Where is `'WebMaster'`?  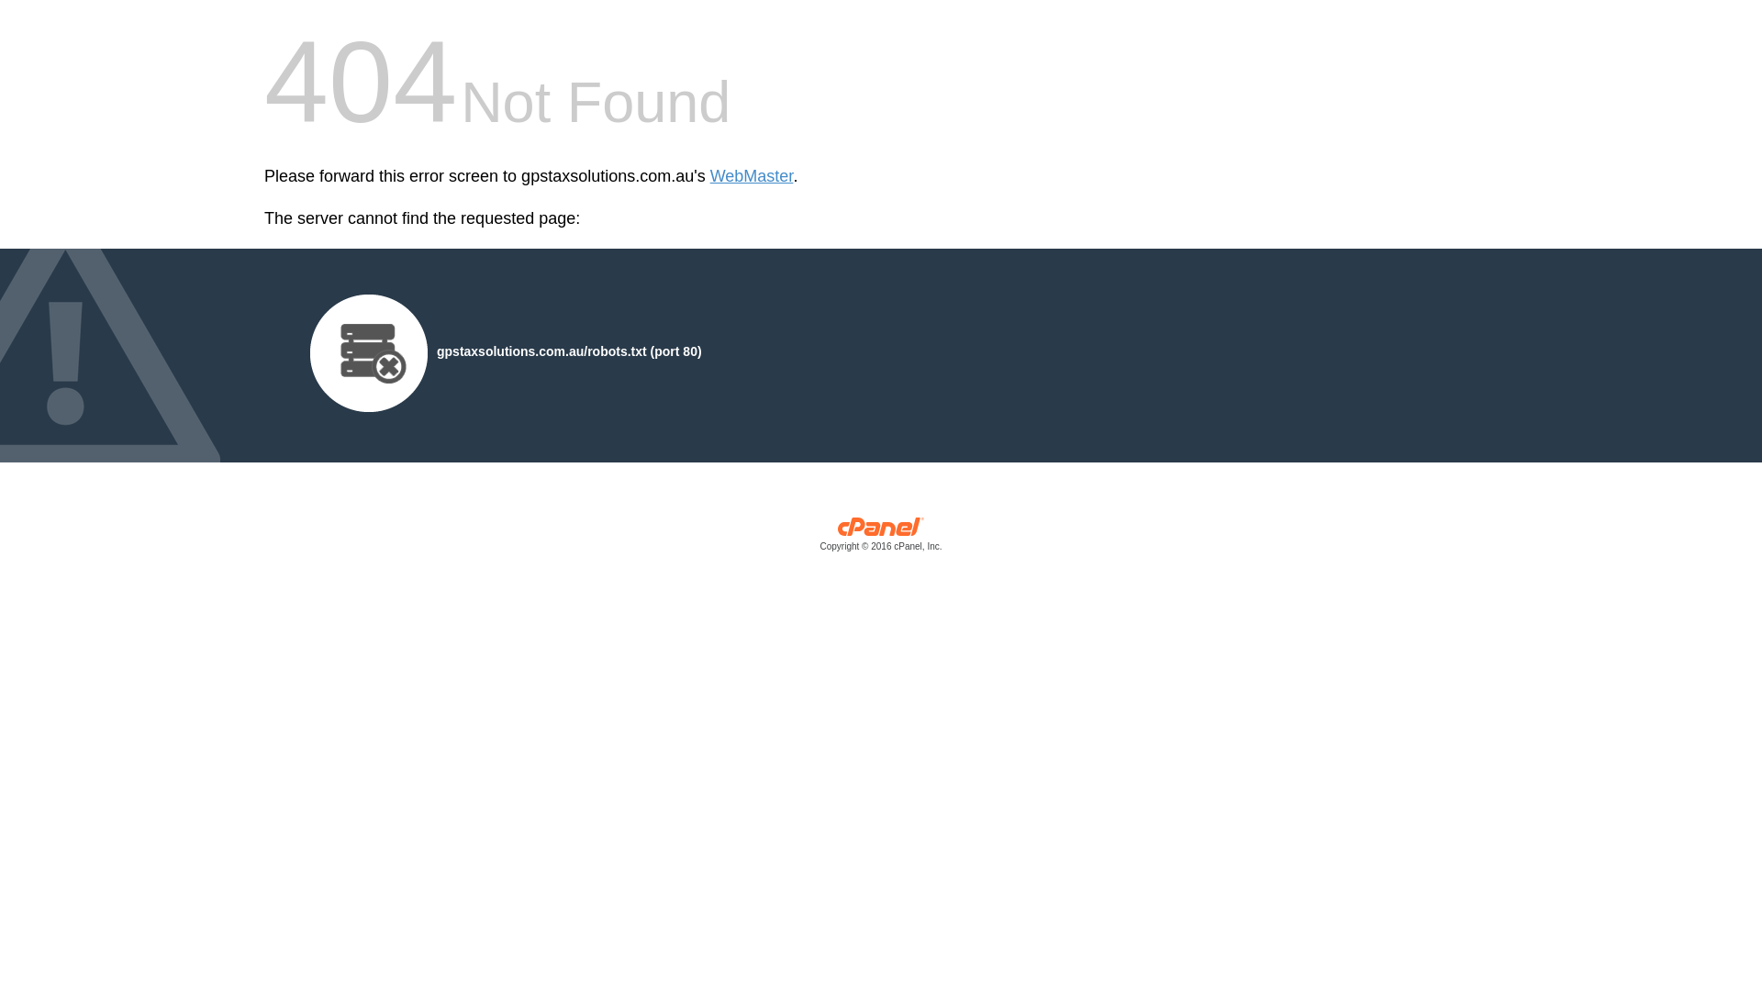
'WebMaster' is located at coordinates (752, 176).